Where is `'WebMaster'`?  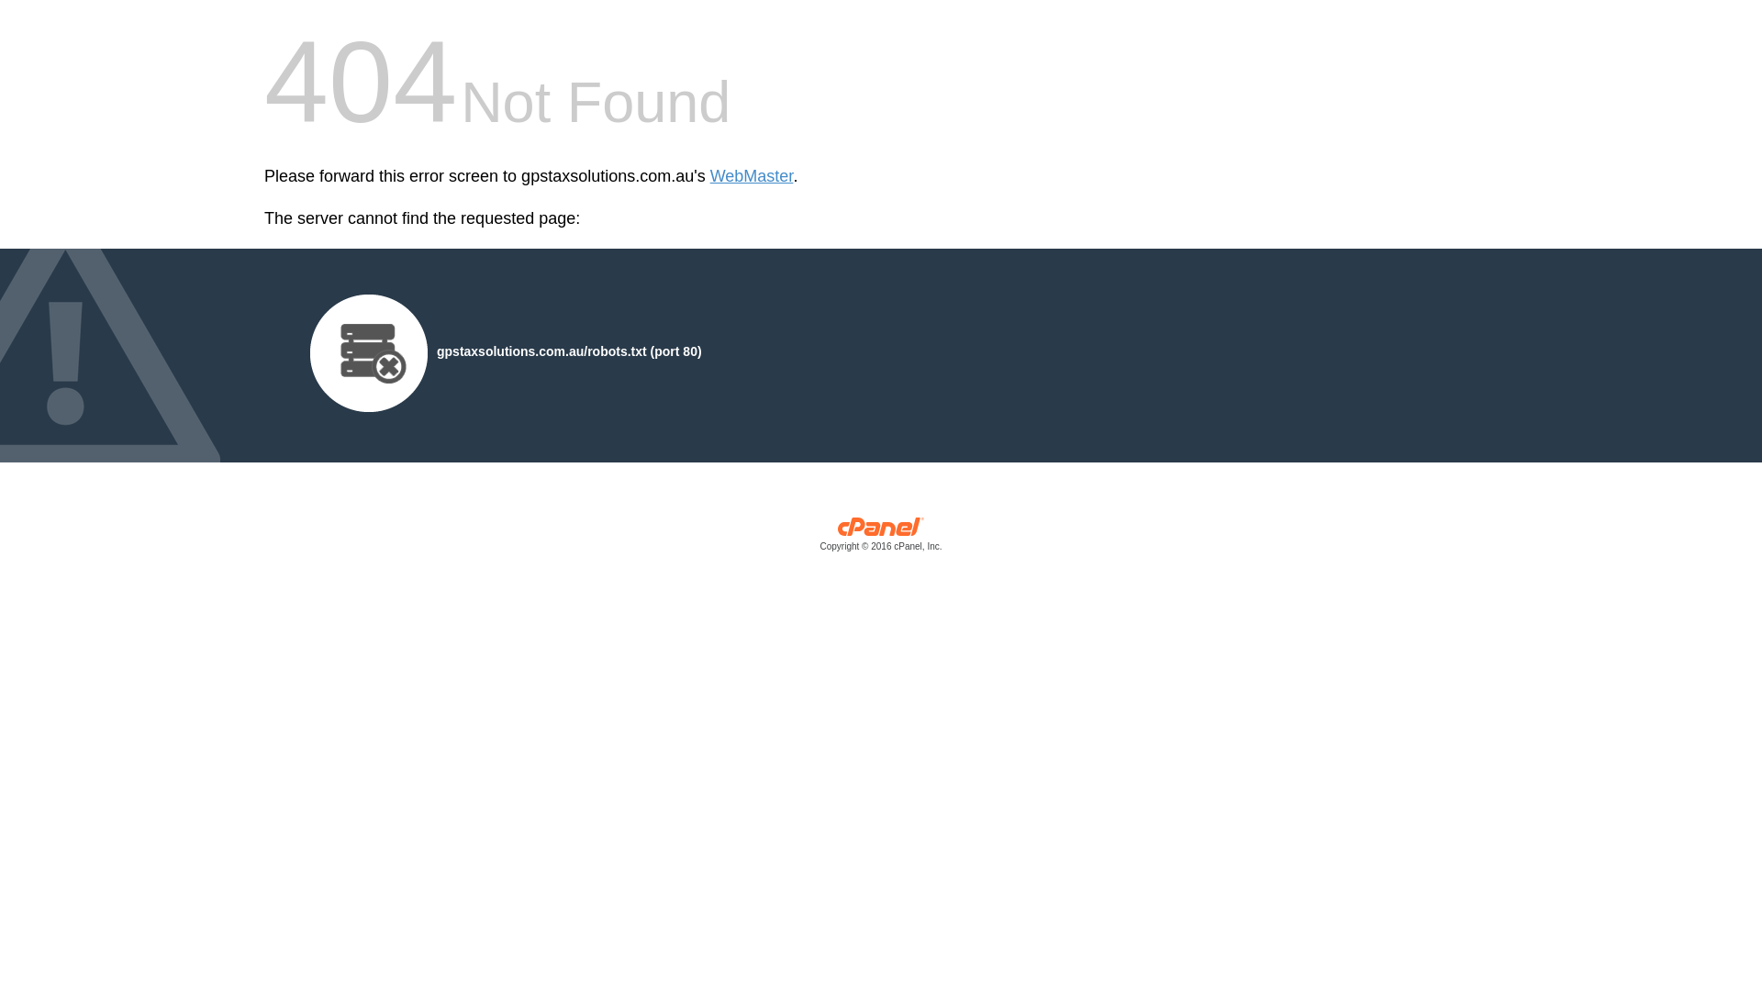
'WebMaster' is located at coordinates (752, 176).